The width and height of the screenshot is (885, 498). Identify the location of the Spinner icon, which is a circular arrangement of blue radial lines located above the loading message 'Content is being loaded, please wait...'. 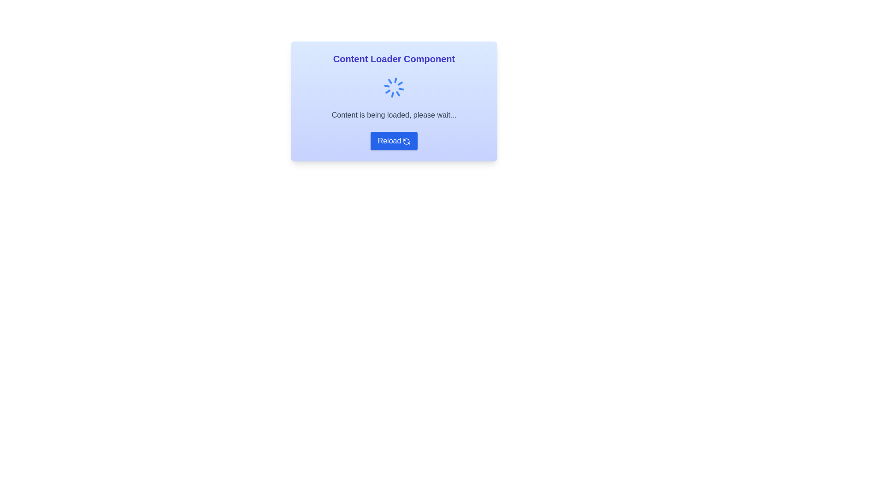
(394, 87).